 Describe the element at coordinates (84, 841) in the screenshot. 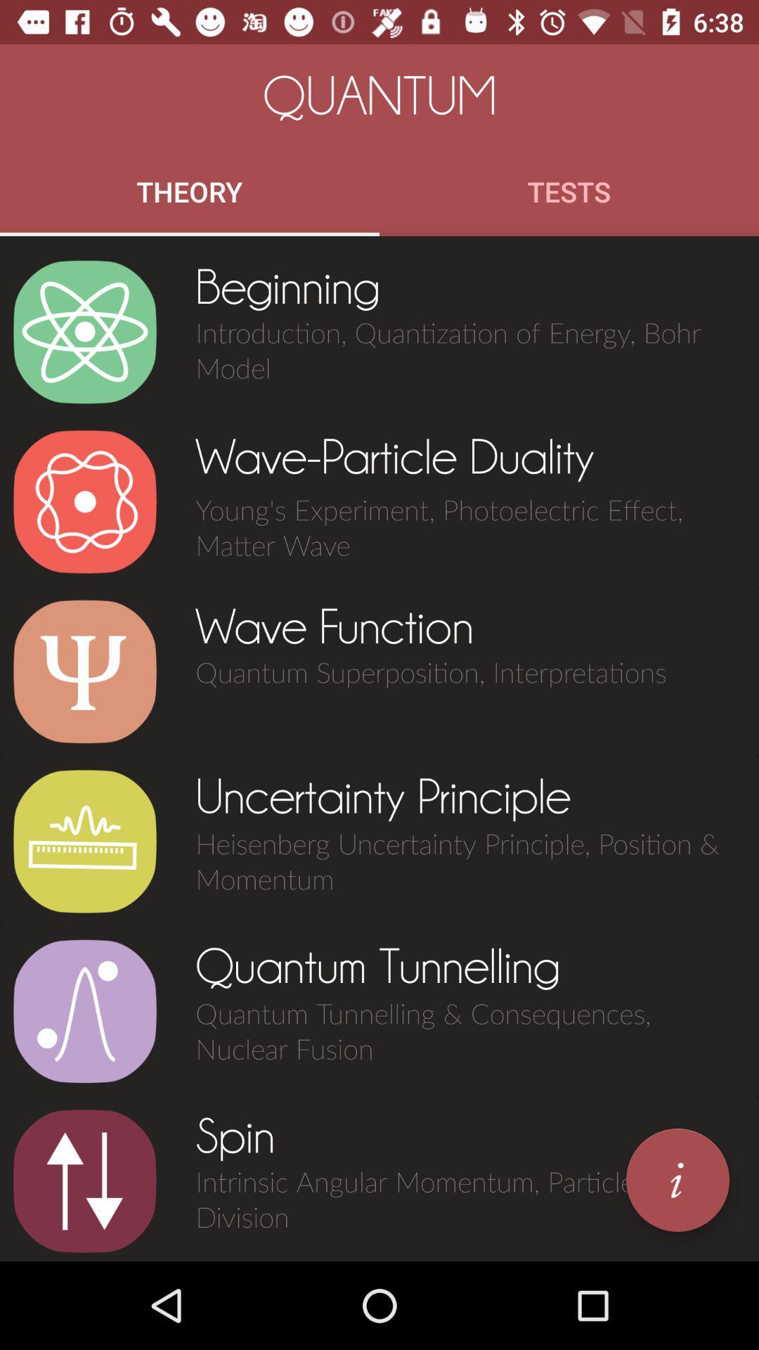

I see `option` at that location.